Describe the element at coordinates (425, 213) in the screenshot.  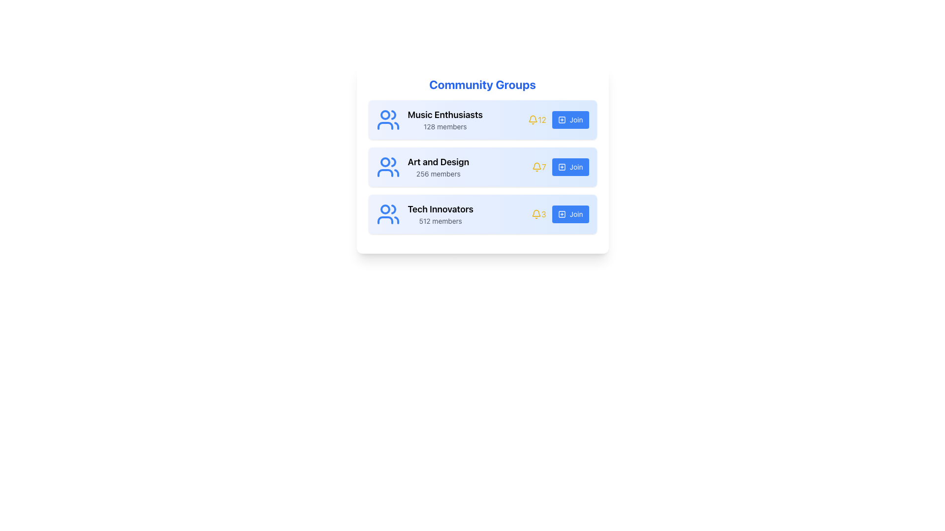
I see `the 'Tech Innovators' community group information display block, which is located within the third card of the community groups list, to the left of the bell icon and the 'Join' button` at that location.